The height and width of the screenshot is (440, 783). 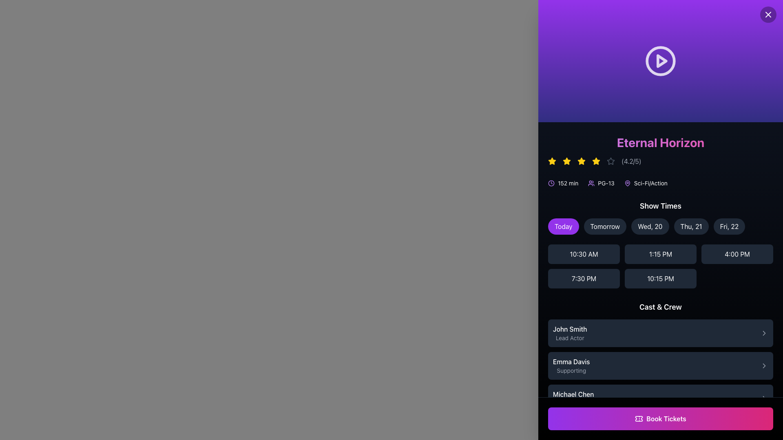 I want to click on the clickable list item or card featuring 'Michael Chen' in the 'Cast & Crew' section, so click(x=661, y=398).